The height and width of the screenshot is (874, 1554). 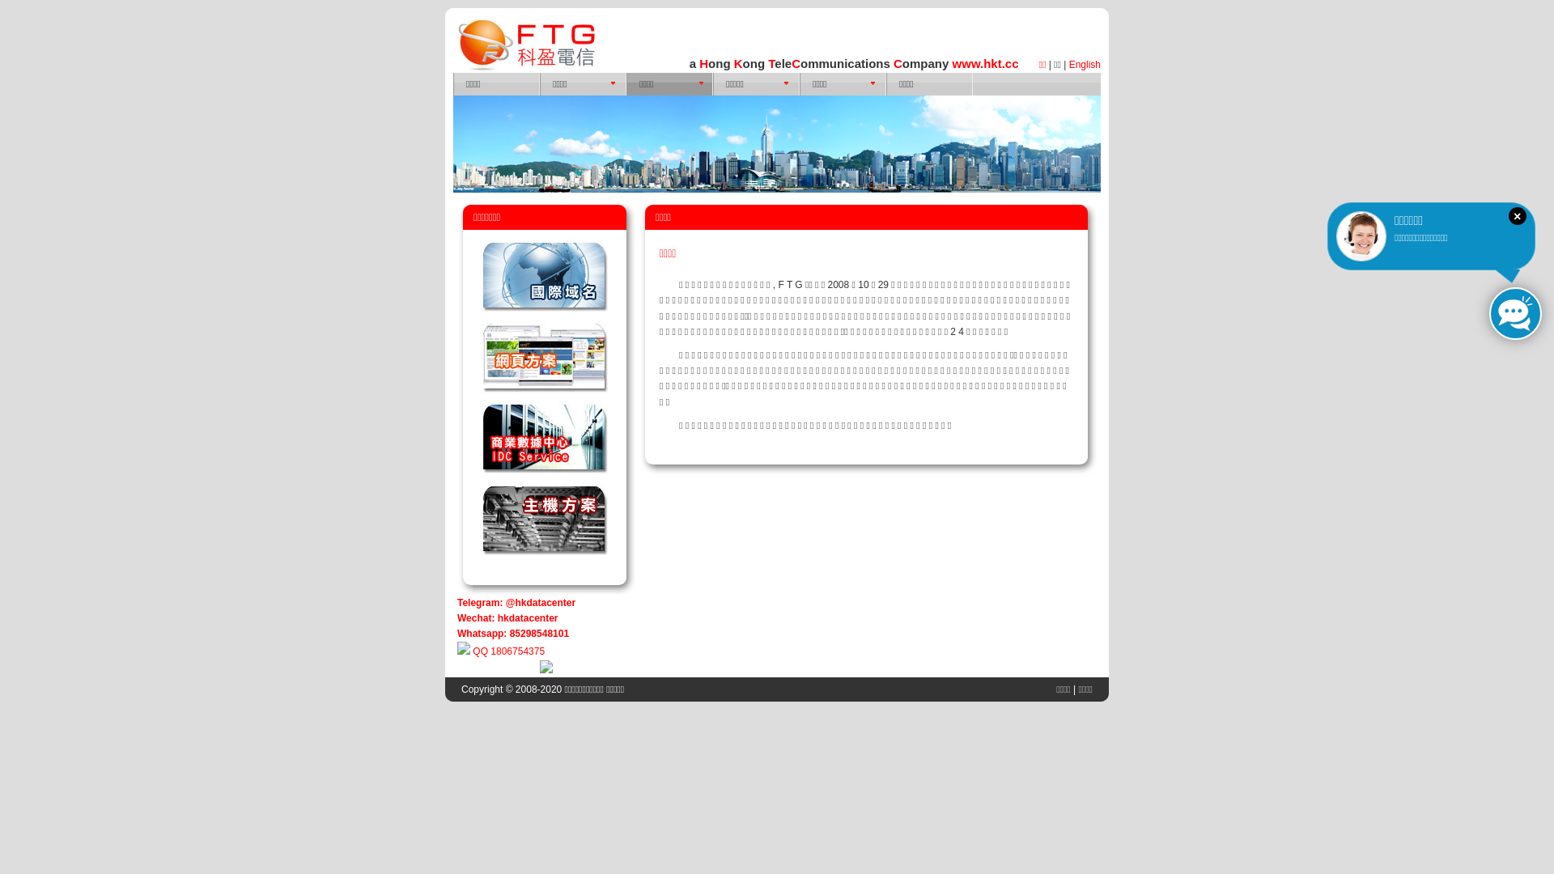 I want to click on 'English', so click(x=1085, y=64).